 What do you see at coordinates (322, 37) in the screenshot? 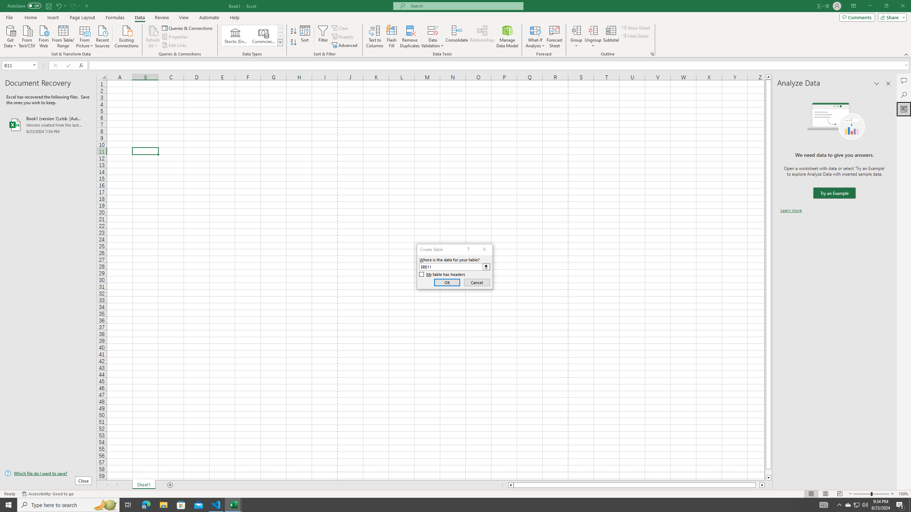
I see `'Filter'` at bounding box center [322, 37].